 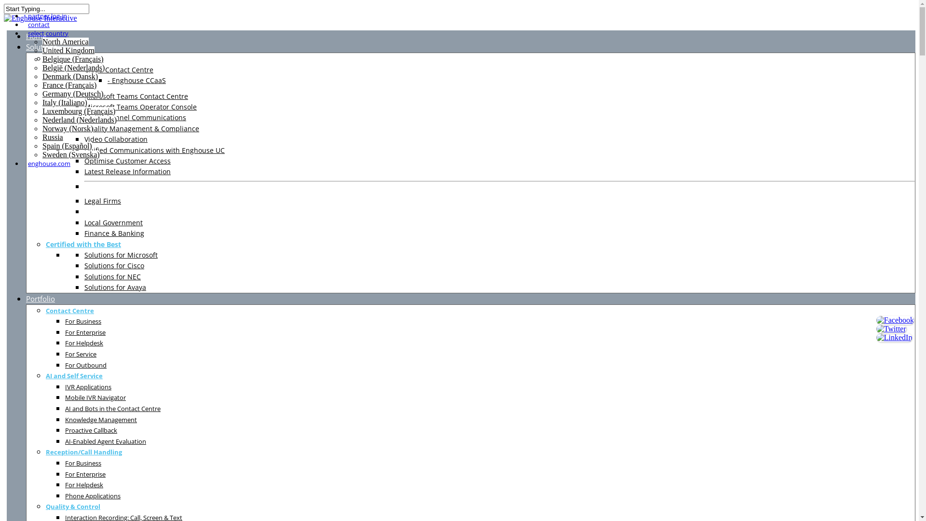 I want to click on 'Italy (Italiano)', so click(x=41, y=102).